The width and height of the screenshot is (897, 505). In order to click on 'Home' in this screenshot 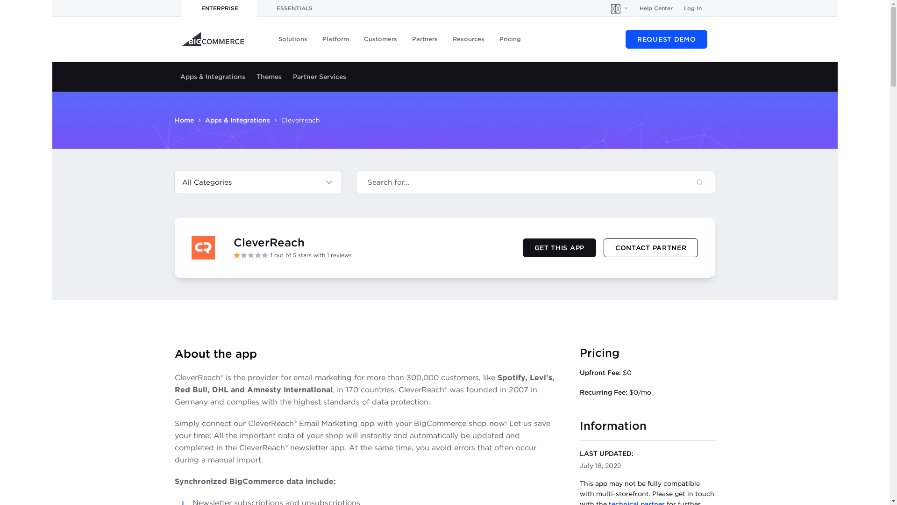, I will do `click(184, 120)`.